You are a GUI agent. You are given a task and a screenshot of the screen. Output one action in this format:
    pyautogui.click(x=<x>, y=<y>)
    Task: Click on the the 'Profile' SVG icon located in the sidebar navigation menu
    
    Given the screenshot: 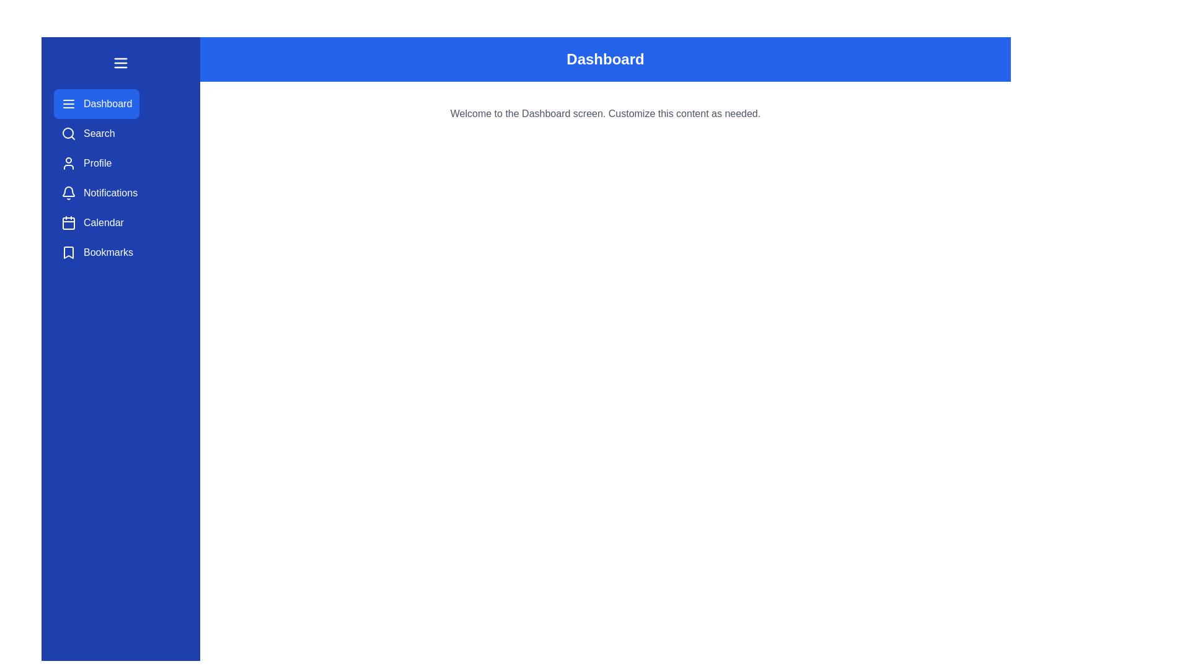 What is the action you would take?
    pyautogui.click(x=68, y=162)
    